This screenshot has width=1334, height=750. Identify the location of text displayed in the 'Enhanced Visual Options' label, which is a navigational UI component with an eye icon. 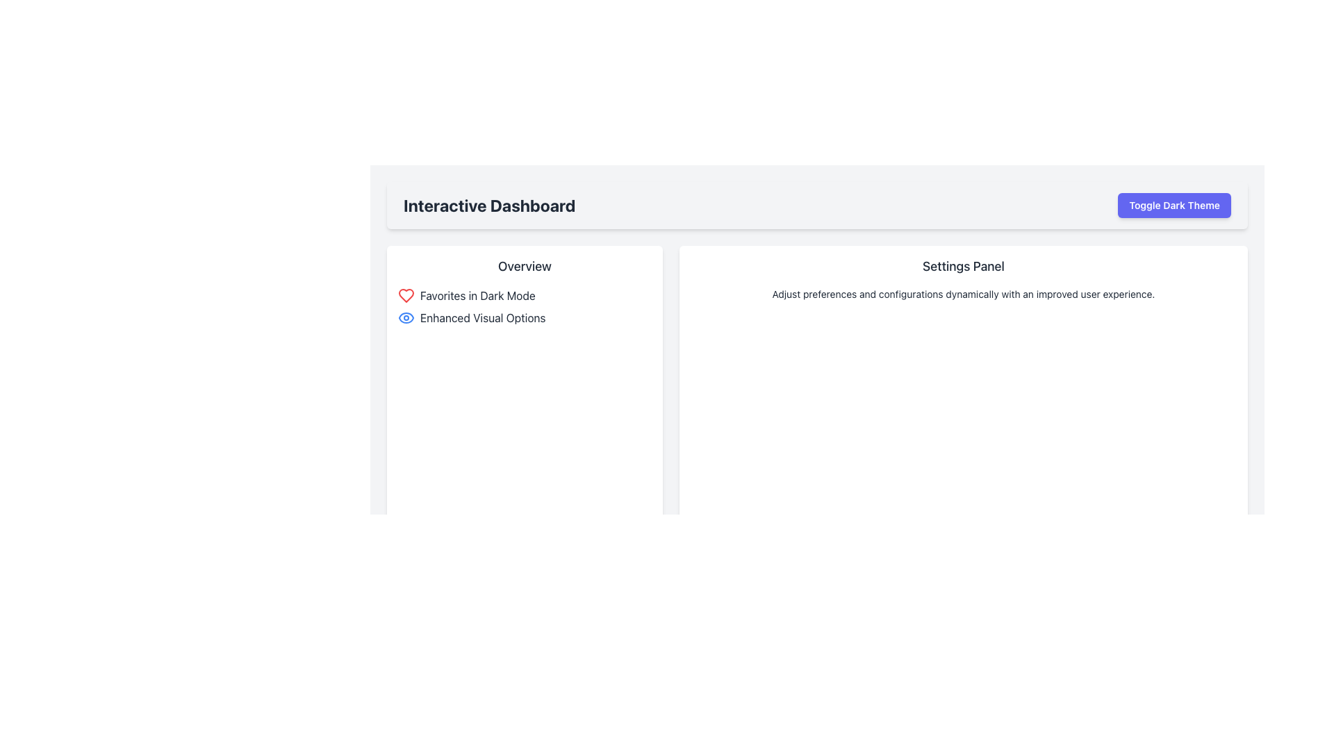
(524, 318).